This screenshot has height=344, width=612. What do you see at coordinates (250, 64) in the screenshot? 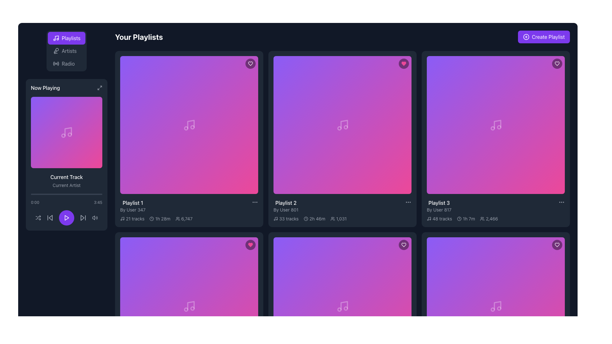
I see `the heart icon located in the top-right corner of the first playlist box in the 'Your Playlists' section` at bounding box center [250, 64].